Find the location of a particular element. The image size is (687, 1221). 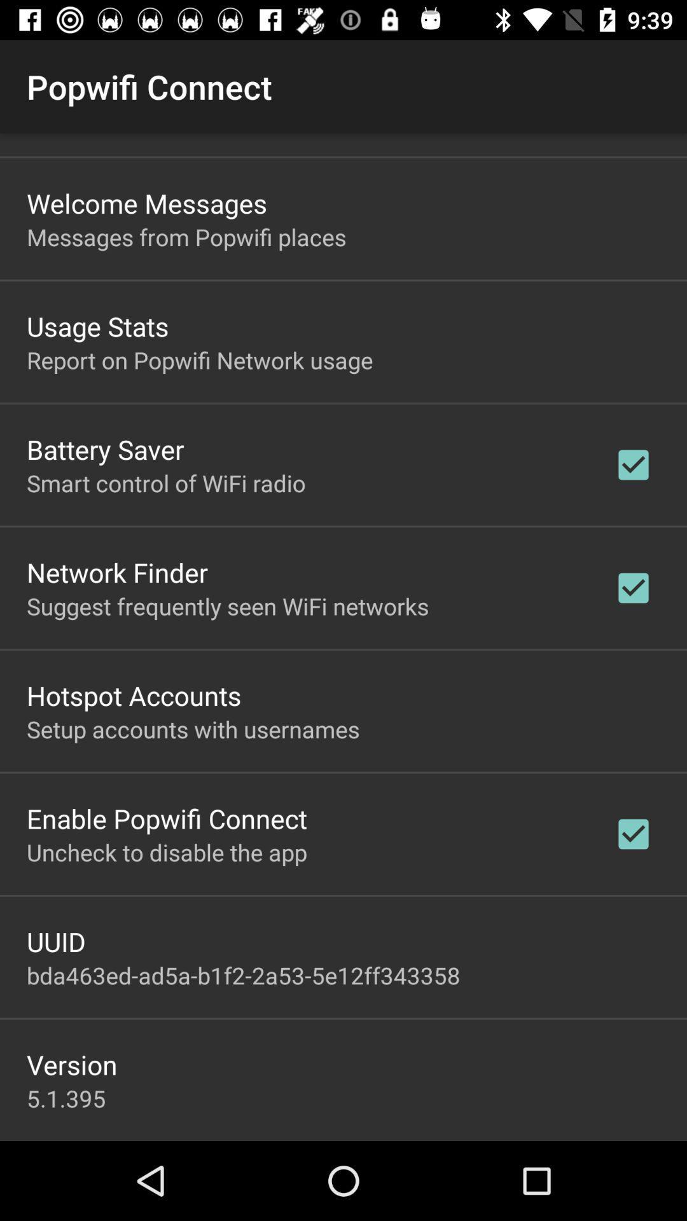

the item below the version app is located at coordinates (66, 1098).